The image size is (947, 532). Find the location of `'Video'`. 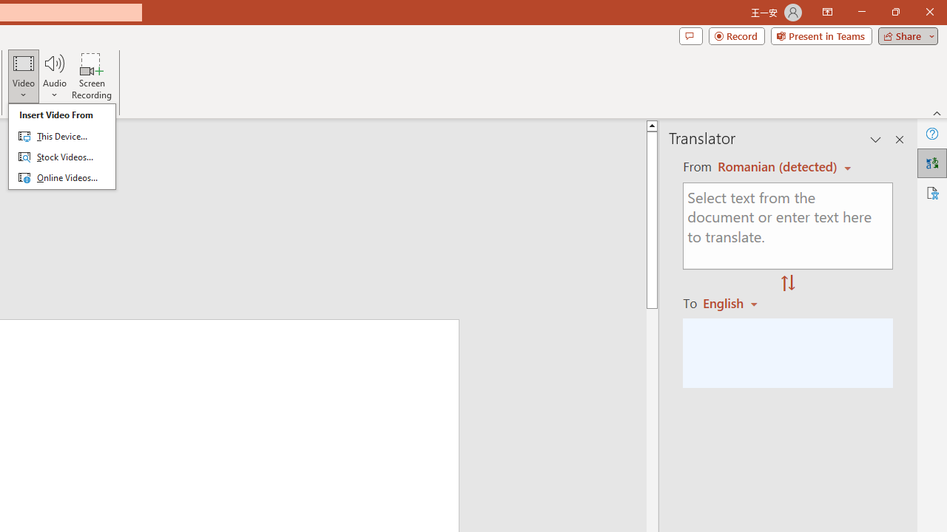

'Video' is located at coordinates (24, 76).